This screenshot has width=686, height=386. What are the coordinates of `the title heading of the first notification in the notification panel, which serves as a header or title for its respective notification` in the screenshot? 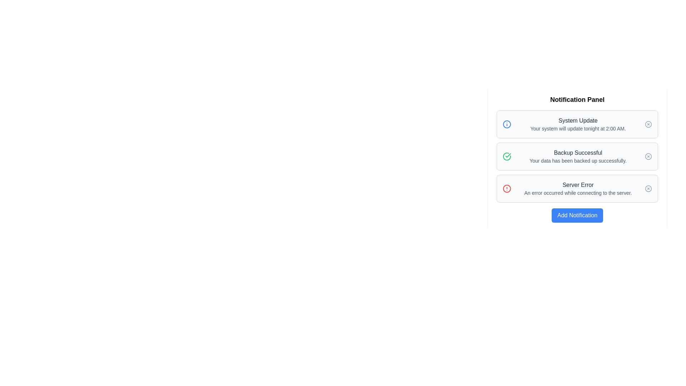 It's located at (578, 120).